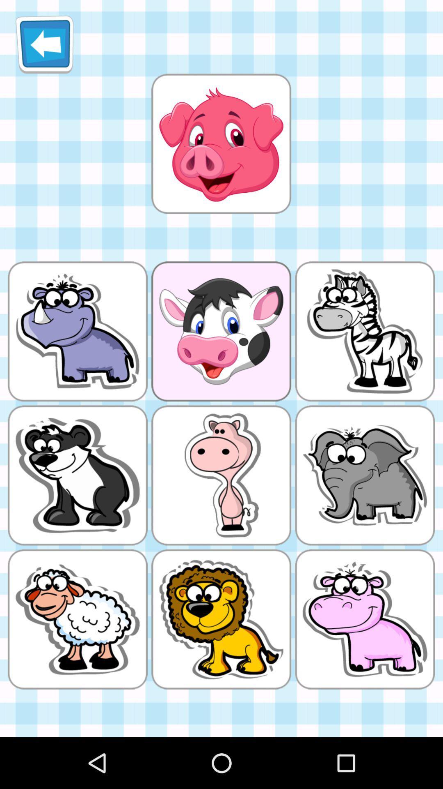  What do you see at coordinates (221, 143) in the screenshot?
I see `or expand on the selected image` at bounding box center [221, 143].